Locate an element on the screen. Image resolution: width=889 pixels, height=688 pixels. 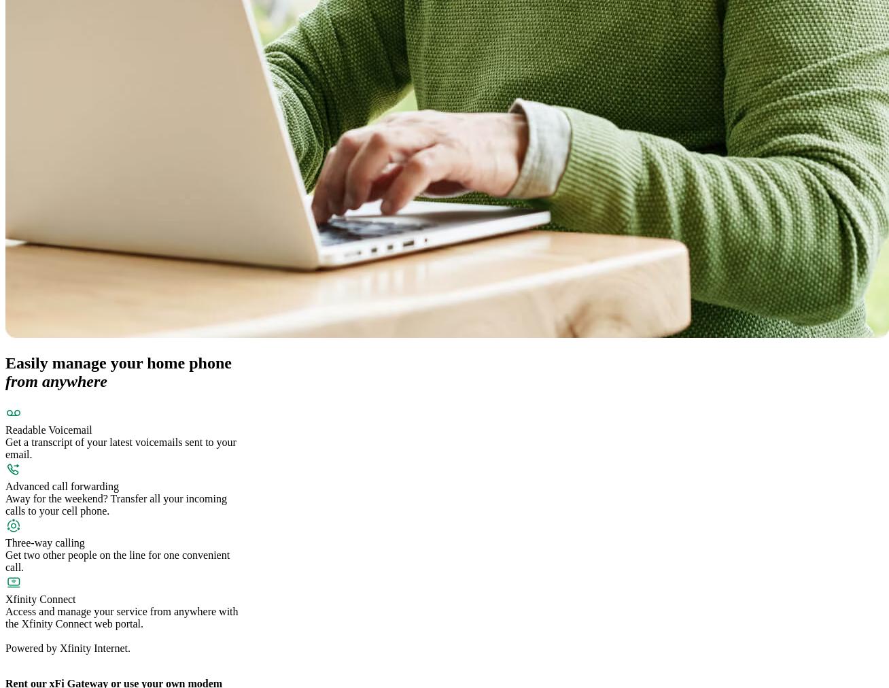
'Advanced call forwarding' is located at coordinates (61, 486).